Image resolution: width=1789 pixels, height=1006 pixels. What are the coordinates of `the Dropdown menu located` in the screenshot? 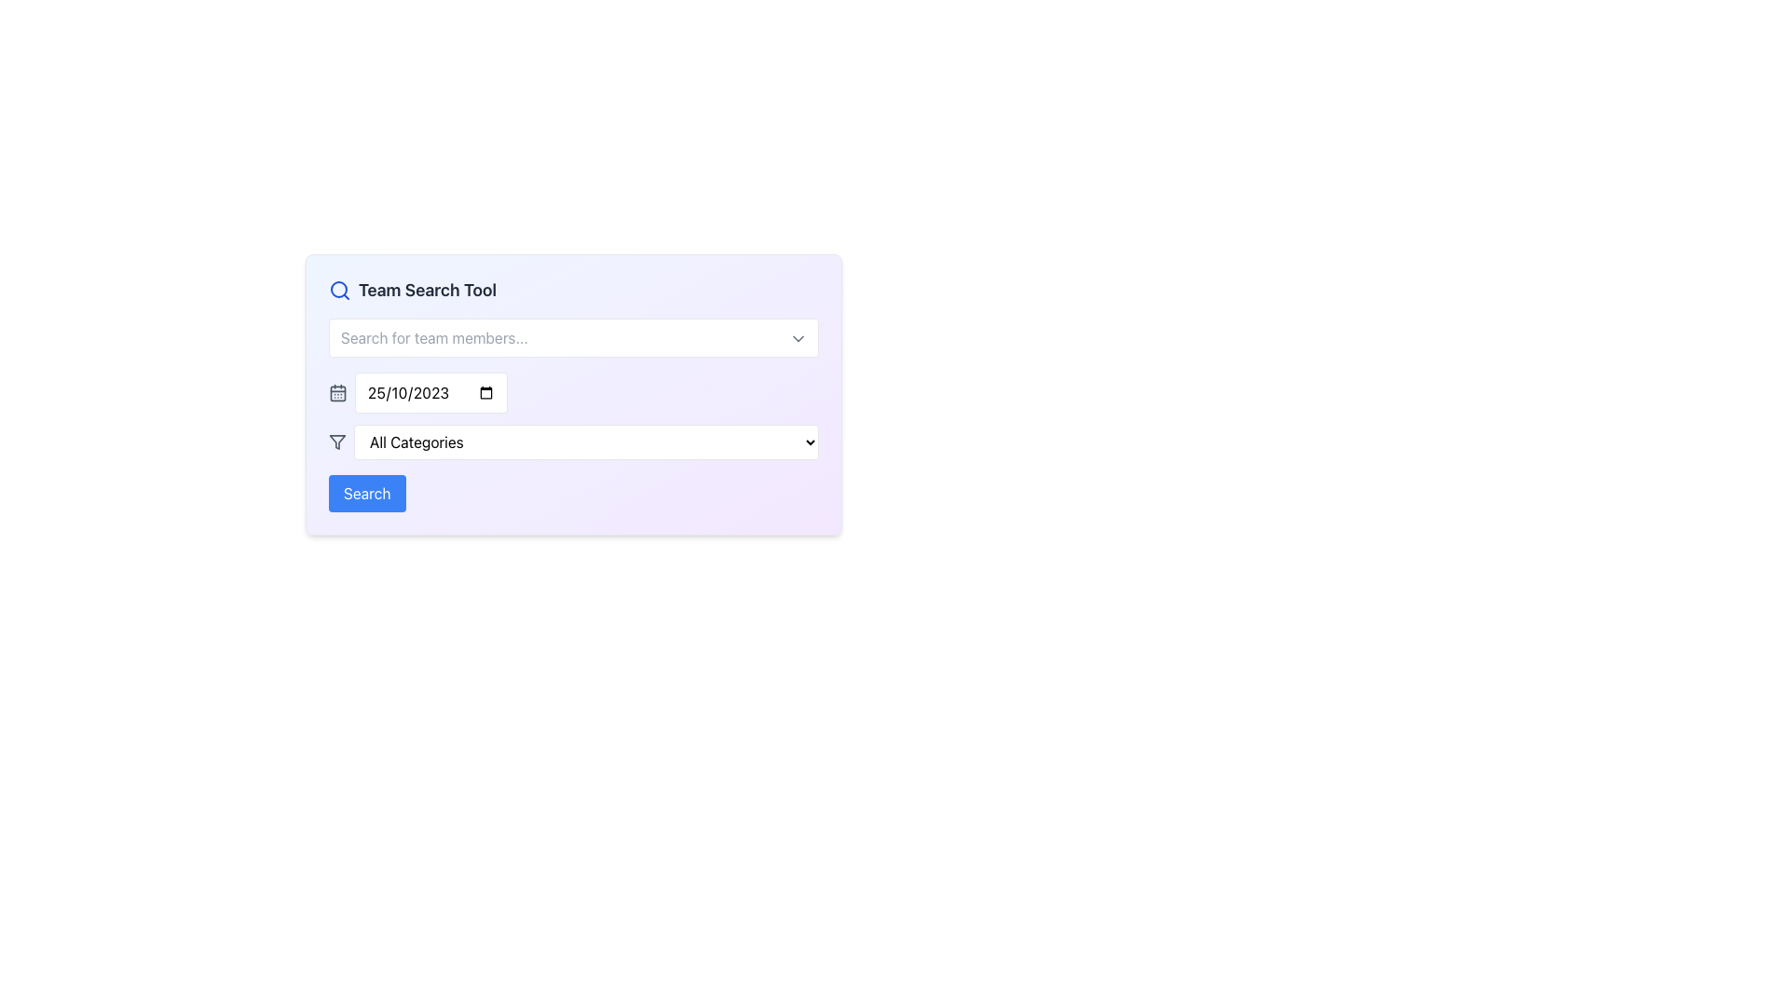 It's located at (585, 442).